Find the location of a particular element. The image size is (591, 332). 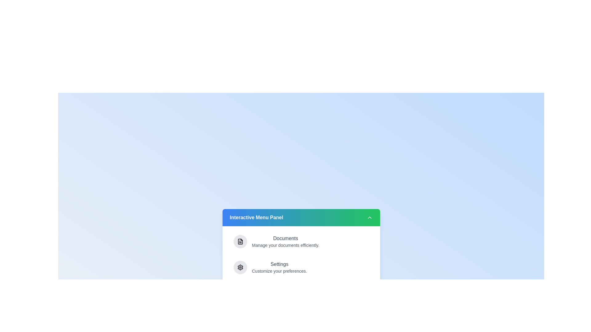

the menu item Documents to highlight it is located at coordinates (301, 241).